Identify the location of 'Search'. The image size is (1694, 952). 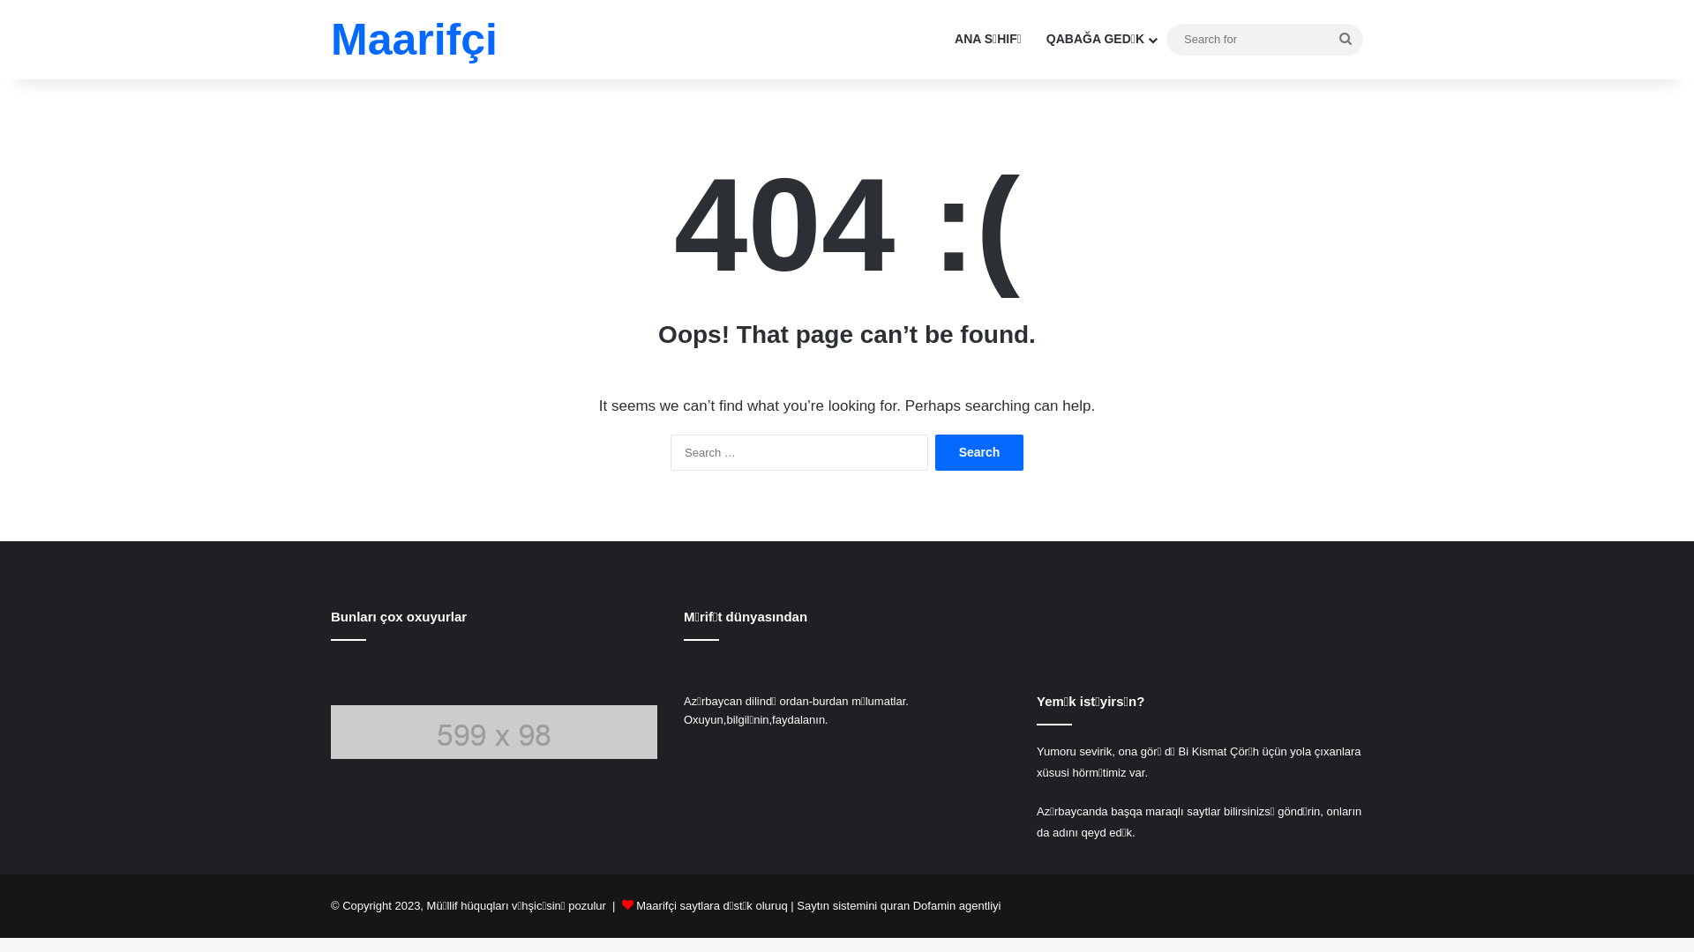
(934, 451).